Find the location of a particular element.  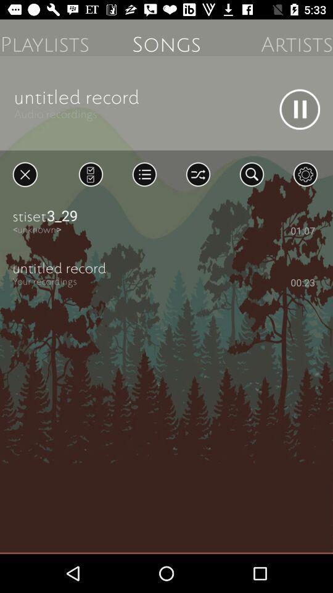

search the playlists is located at coordinates (251, 174).